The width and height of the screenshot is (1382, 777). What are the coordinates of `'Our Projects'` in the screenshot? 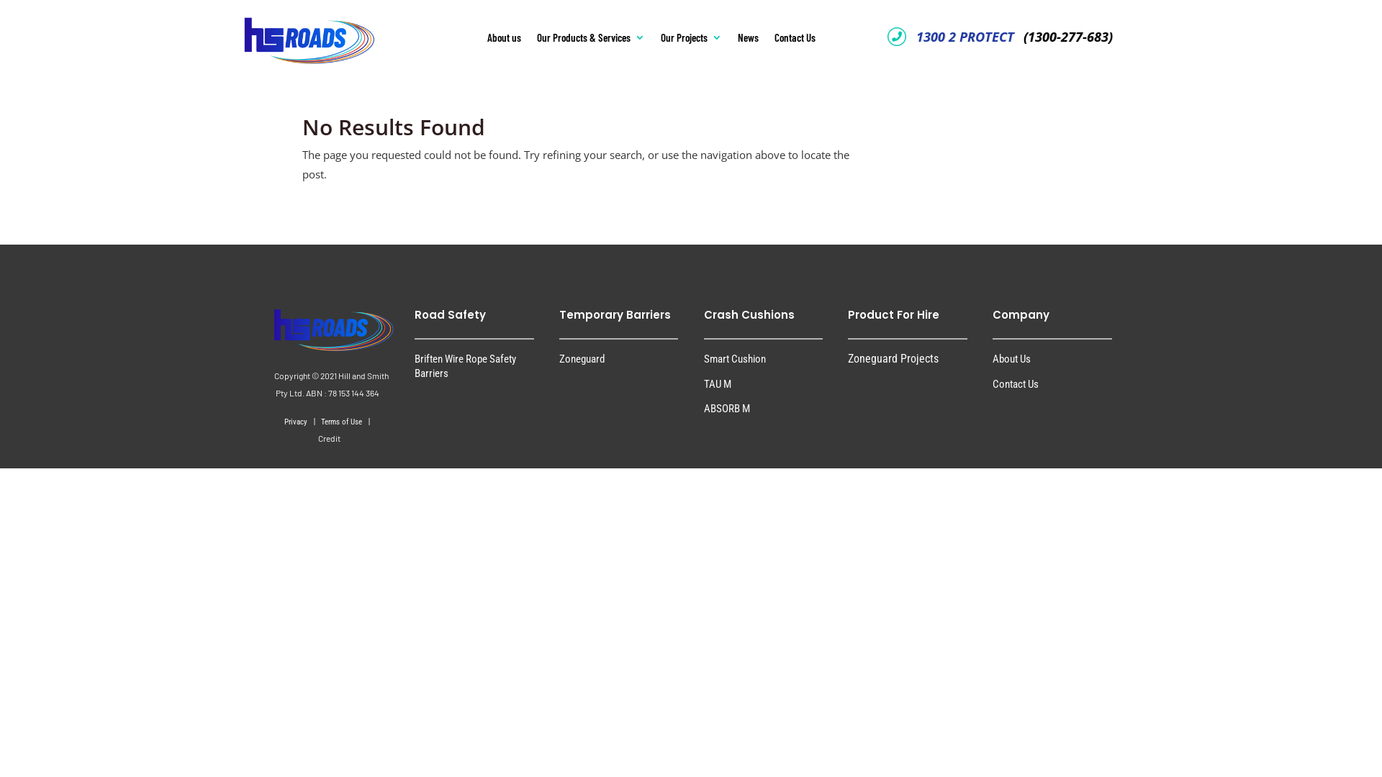 It's located at (691, 40).